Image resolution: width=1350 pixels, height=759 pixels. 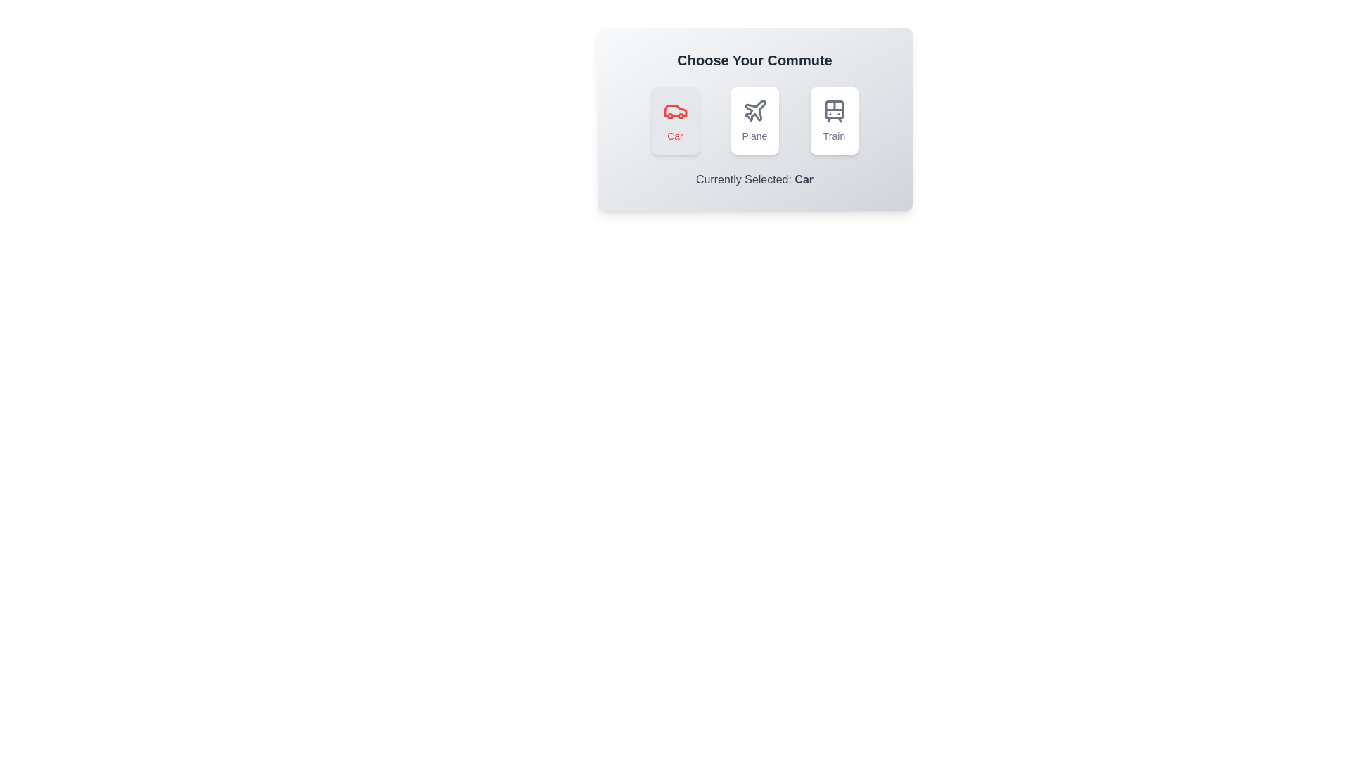 I want to click on the button corresponding to the transportation mode Plane, so click(x=754, y=120).